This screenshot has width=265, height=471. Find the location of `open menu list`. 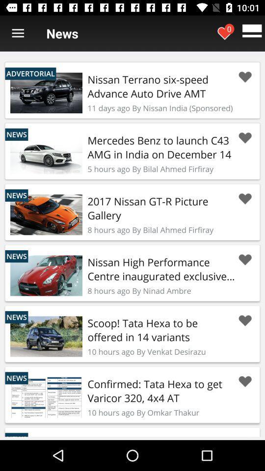

open menu list is located at coordinates (18, 33).